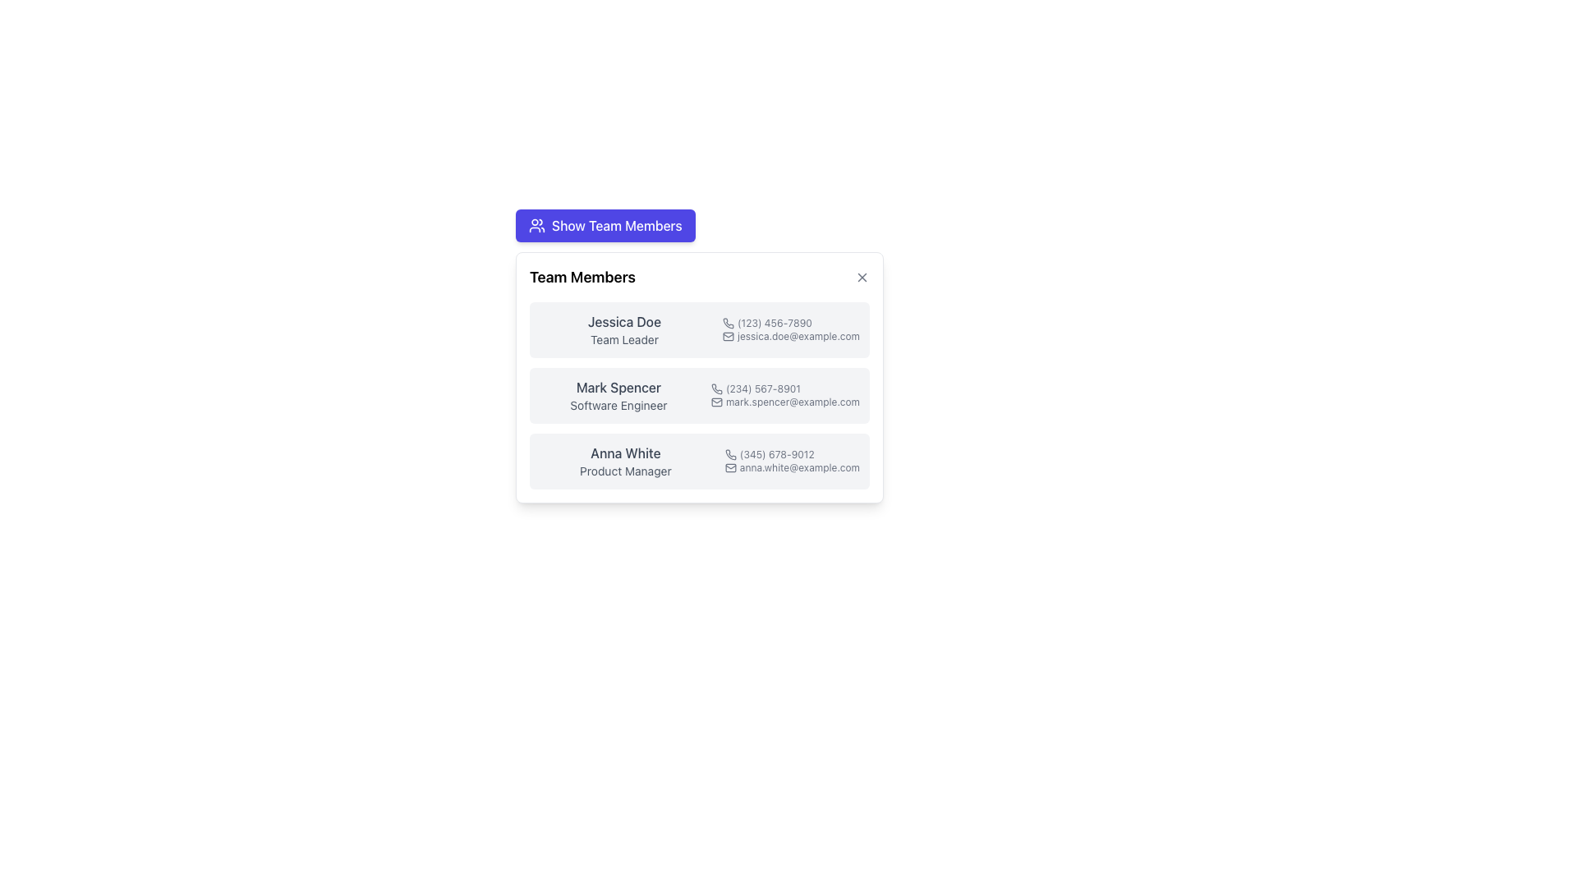  What do you see at coordinates (699, 462) in the screenshot?
I see `on the Contact Information Card for 'Anna White', the third list item in the 'Team Members' section` at bounding box center [699, 462].